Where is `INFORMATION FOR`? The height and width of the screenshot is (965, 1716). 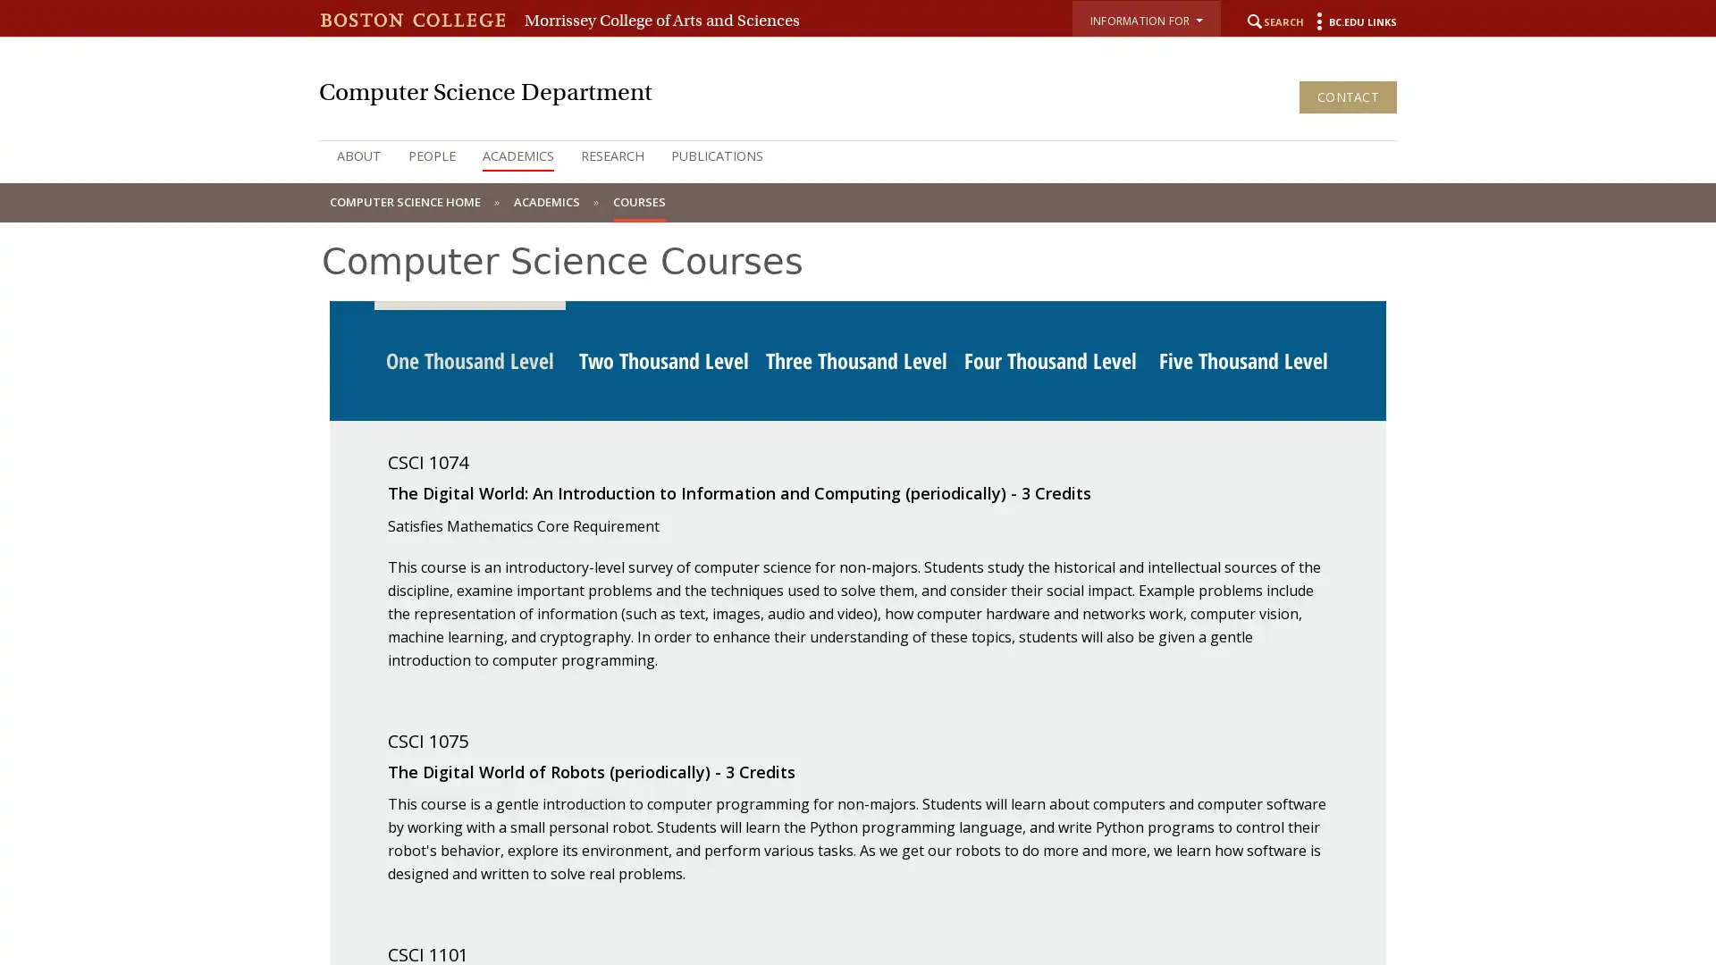 INFORMATION FOR is located at coordinates (1146, 21).